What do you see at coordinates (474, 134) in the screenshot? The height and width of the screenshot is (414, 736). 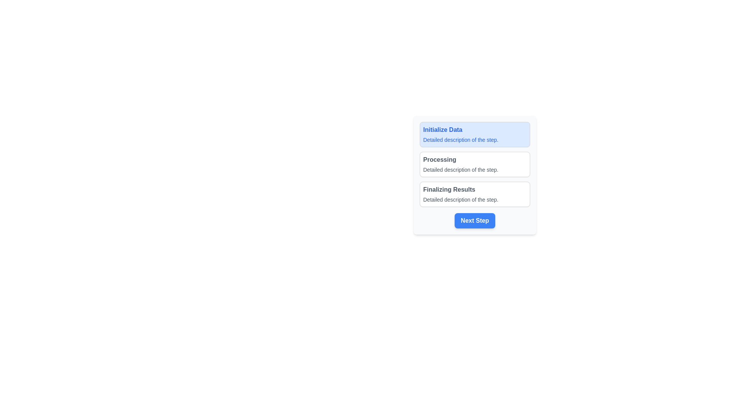 I see `descriptive text within the 'Initialize Data' Panel Section, which contains a bold title and a smaller description text` at bounding box center [474, 134].